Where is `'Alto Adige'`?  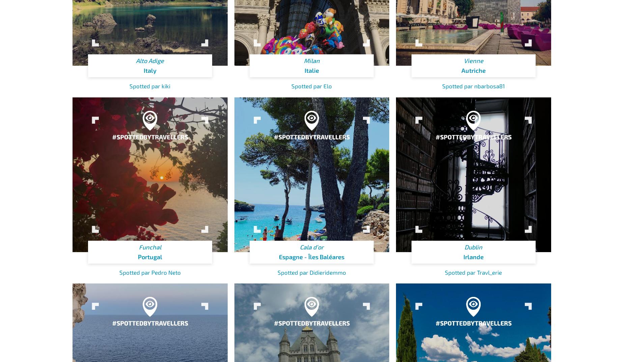
'Alto Adige' is located at coordinates (135, 61).